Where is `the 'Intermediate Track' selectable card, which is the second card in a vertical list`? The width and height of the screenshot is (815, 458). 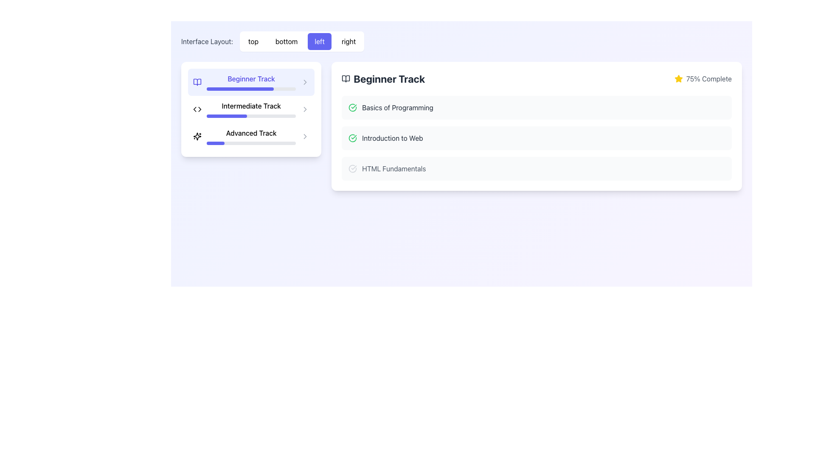 the 'Intermediate Track' selectable card, which is the second card in a vertical list is located at coordinates (251, 109).